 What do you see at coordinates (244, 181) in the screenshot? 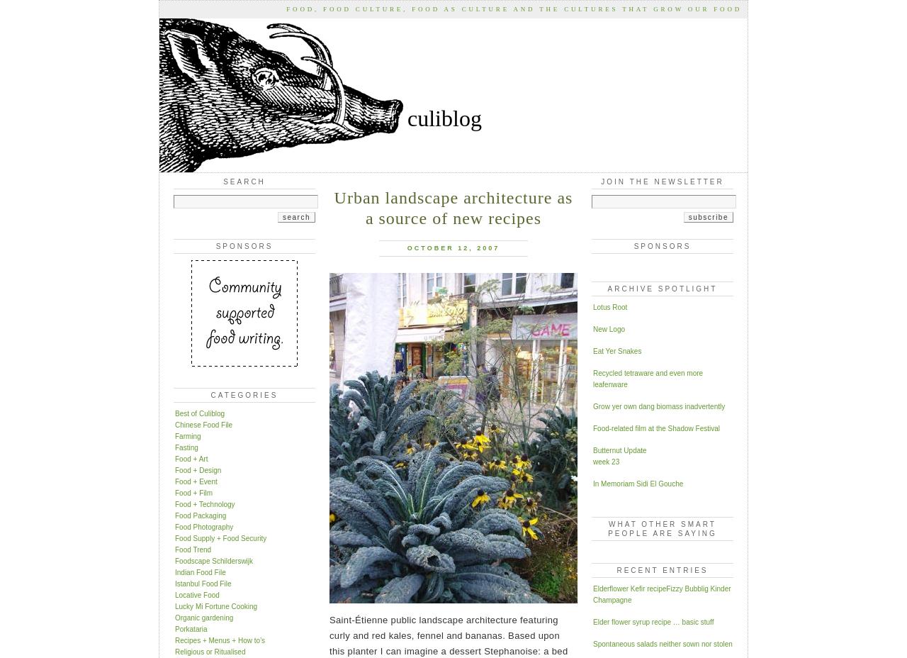
I see `'Search'` at bounding box center [244, 181].